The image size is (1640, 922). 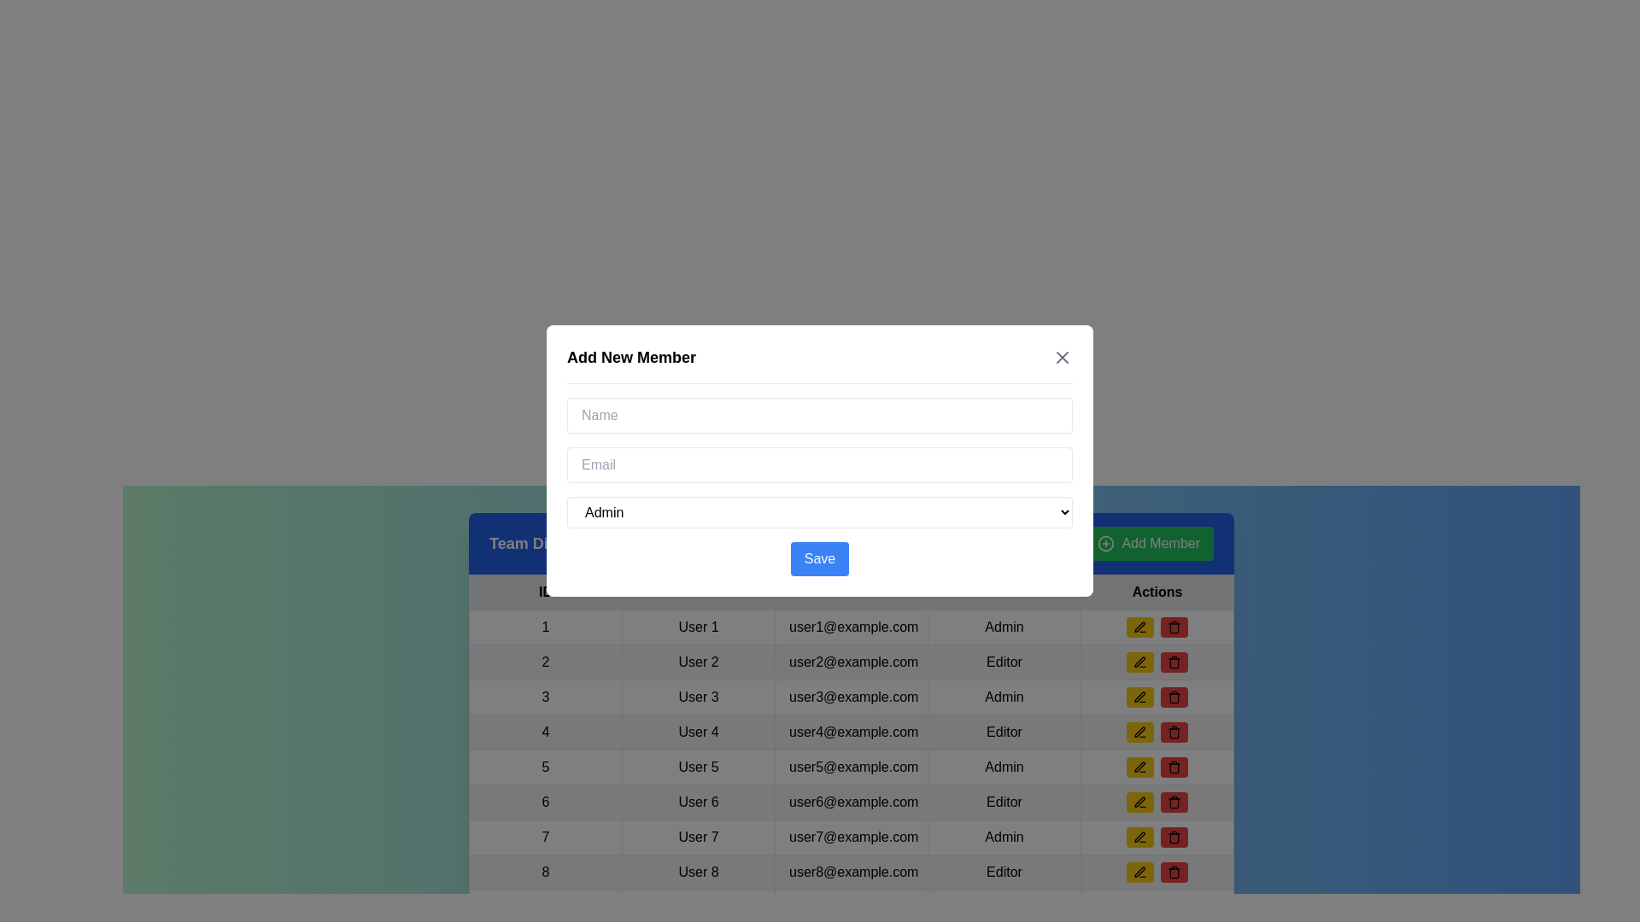 What do you see at coordinates (1004, 627) in the screenshot?
I see `text label indicating the role of 'User 1' located in the fourth cell of the 'Role' column in the table` at bounding box center [1004, 627].